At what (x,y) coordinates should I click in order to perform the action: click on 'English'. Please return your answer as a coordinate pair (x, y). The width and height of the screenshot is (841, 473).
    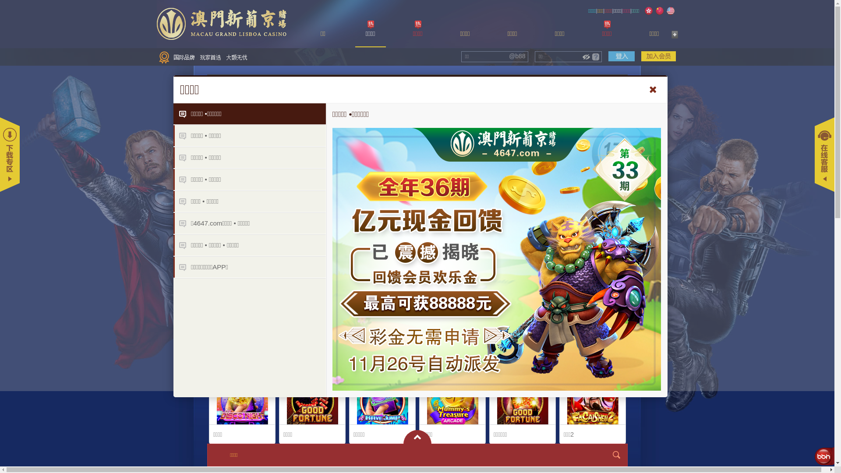
    Looking at the image, I should click on (670, 11).